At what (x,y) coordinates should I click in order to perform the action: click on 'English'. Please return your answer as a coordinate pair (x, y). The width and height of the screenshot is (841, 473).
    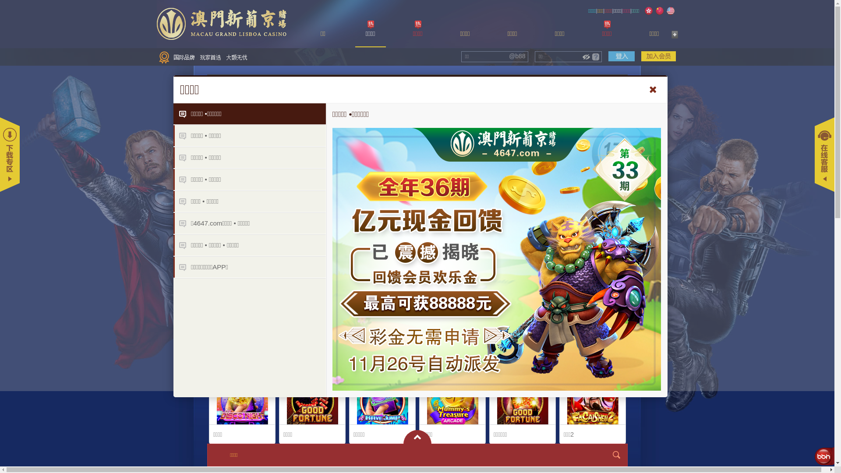
    Looking at the image, I should click on (670, 11).